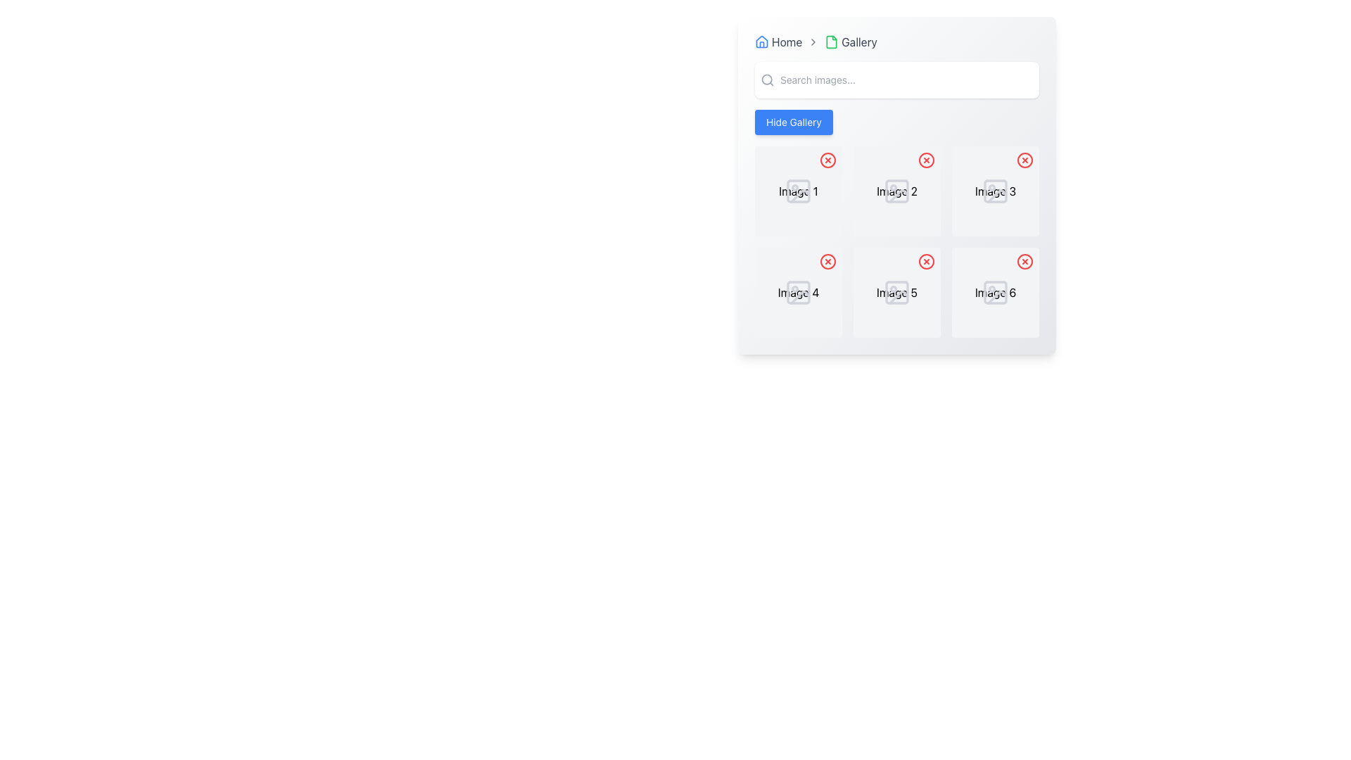  Describe the element at coordinates (995, 191) in the screenshot. I see `the text label 'Image 3' located below the image placeholder in the first row and third column of the gallery grid to interact with adjacent components` at that location.